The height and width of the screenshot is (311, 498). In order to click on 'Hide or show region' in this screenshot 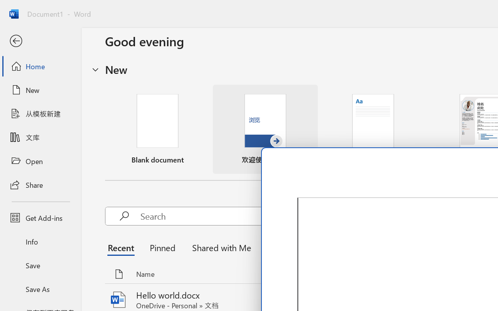, I will do `click(95, 69)`.